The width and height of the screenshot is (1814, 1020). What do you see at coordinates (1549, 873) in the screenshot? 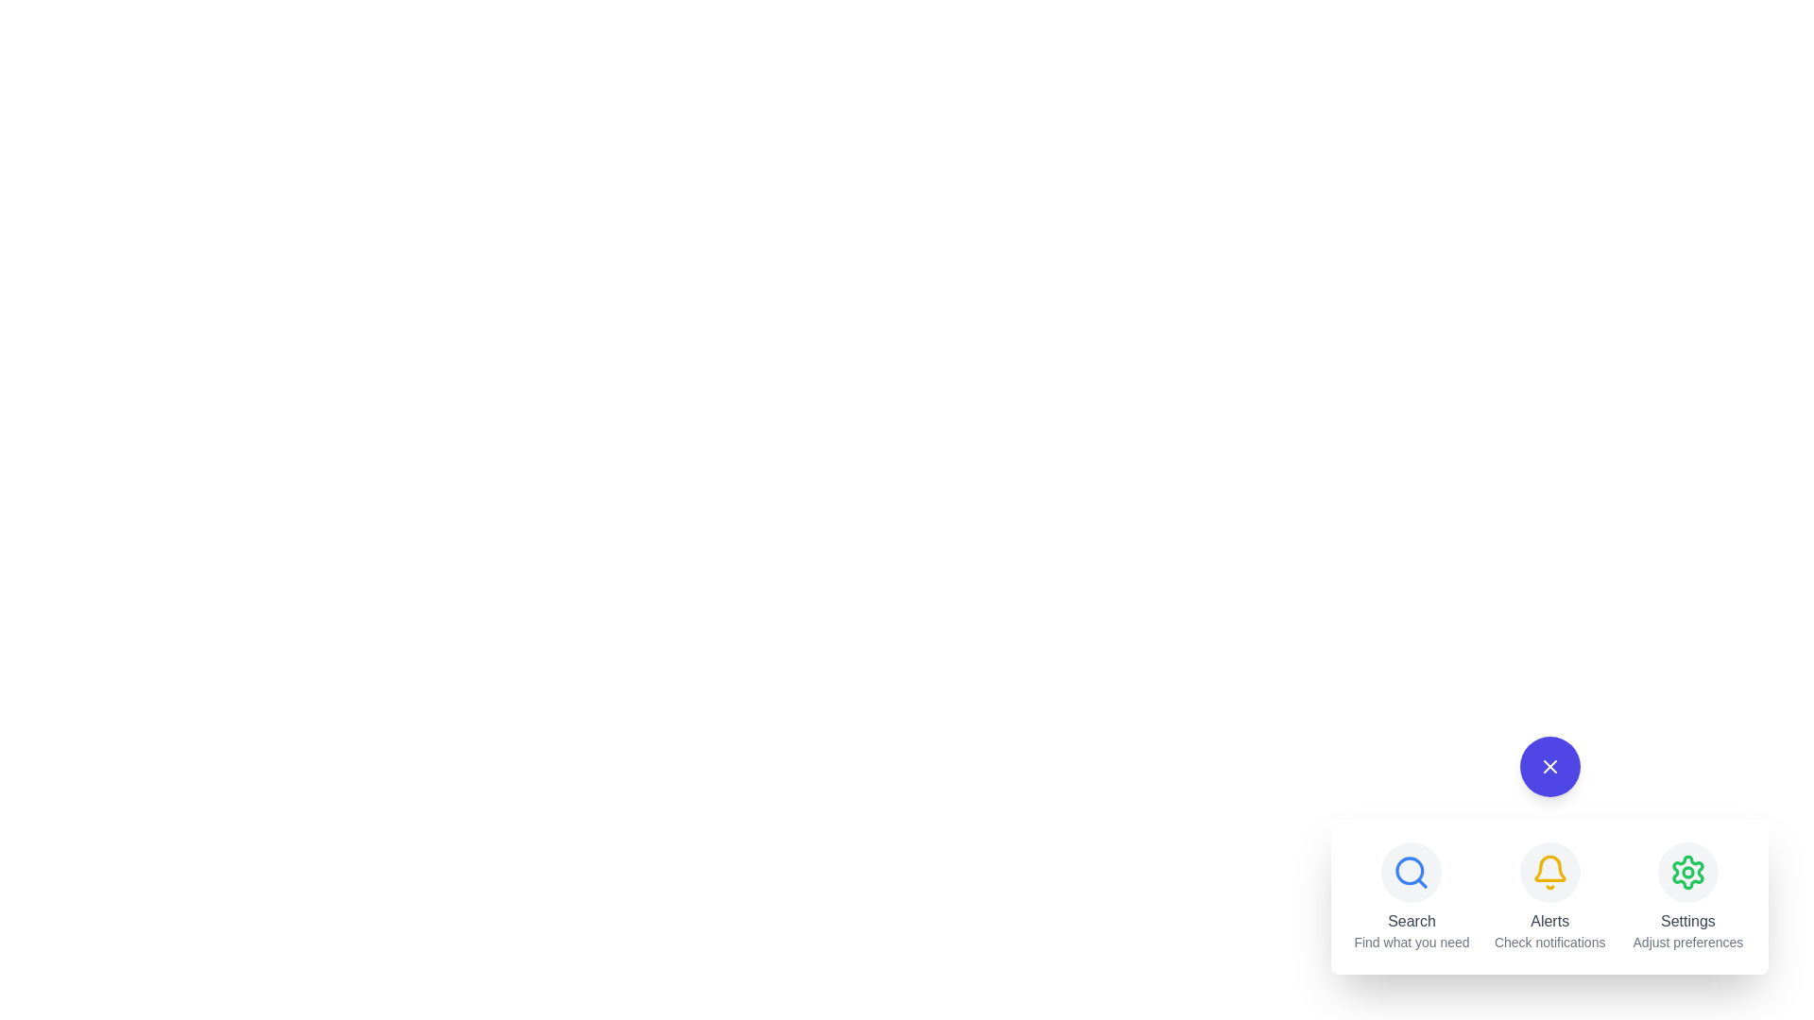
I see `the Alerts button to perform its action` at bounding box center [1549, 873].